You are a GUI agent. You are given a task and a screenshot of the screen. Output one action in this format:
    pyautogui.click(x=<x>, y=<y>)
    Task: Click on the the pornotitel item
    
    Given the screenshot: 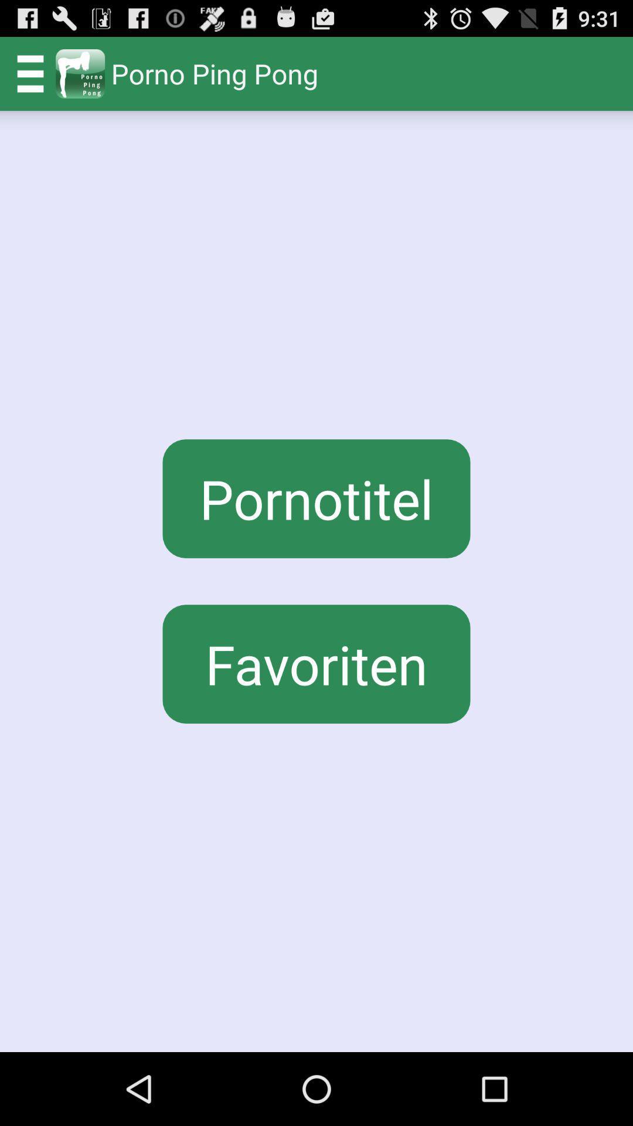 What is the action you would take?
    pyautogui.click(x=316, y=498)
    